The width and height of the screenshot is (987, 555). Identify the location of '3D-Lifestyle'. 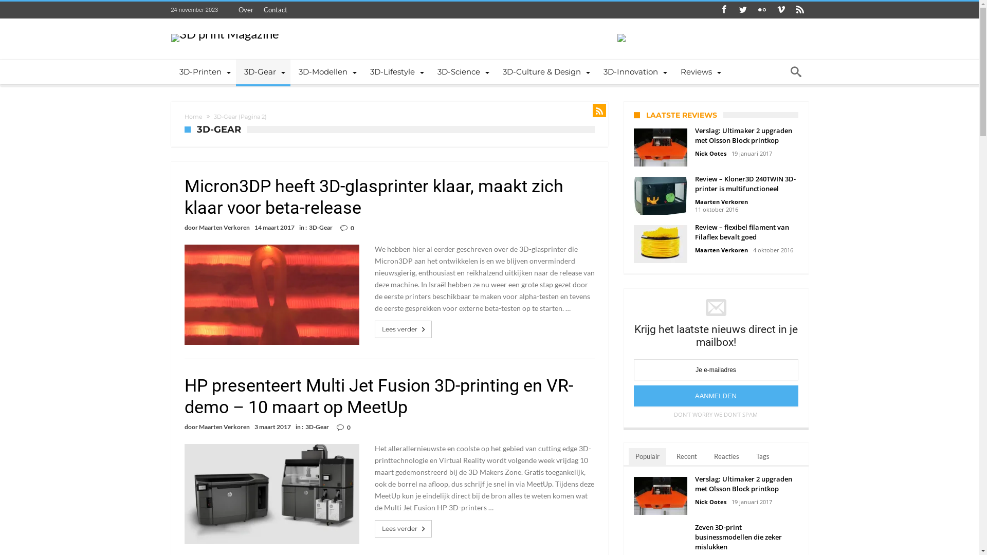
(362, 71).